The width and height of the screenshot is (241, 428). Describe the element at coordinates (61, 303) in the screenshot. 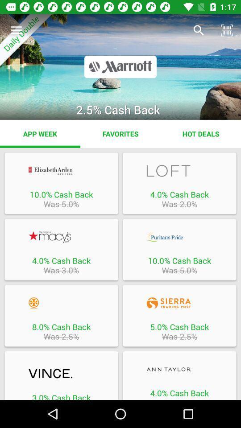

I see `see the companies website` at that location.